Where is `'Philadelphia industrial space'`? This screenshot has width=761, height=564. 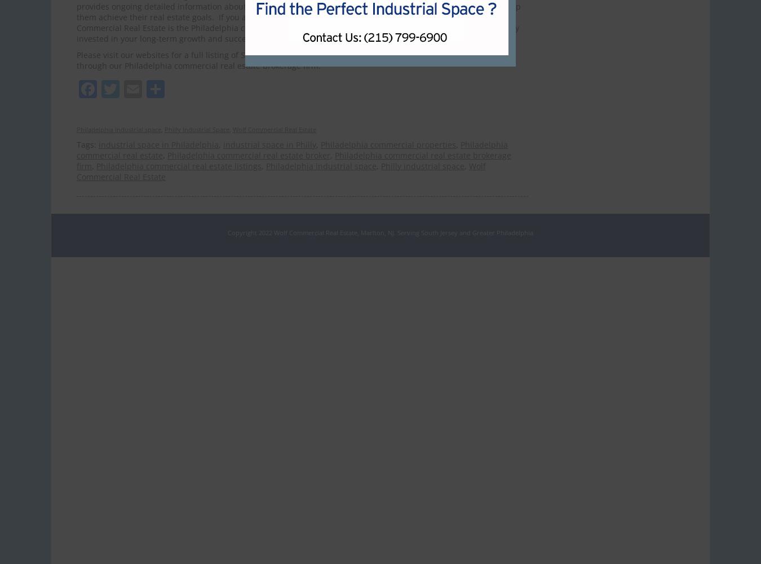 'Philadelphia industrial space' is located at coordinates (321, 166).